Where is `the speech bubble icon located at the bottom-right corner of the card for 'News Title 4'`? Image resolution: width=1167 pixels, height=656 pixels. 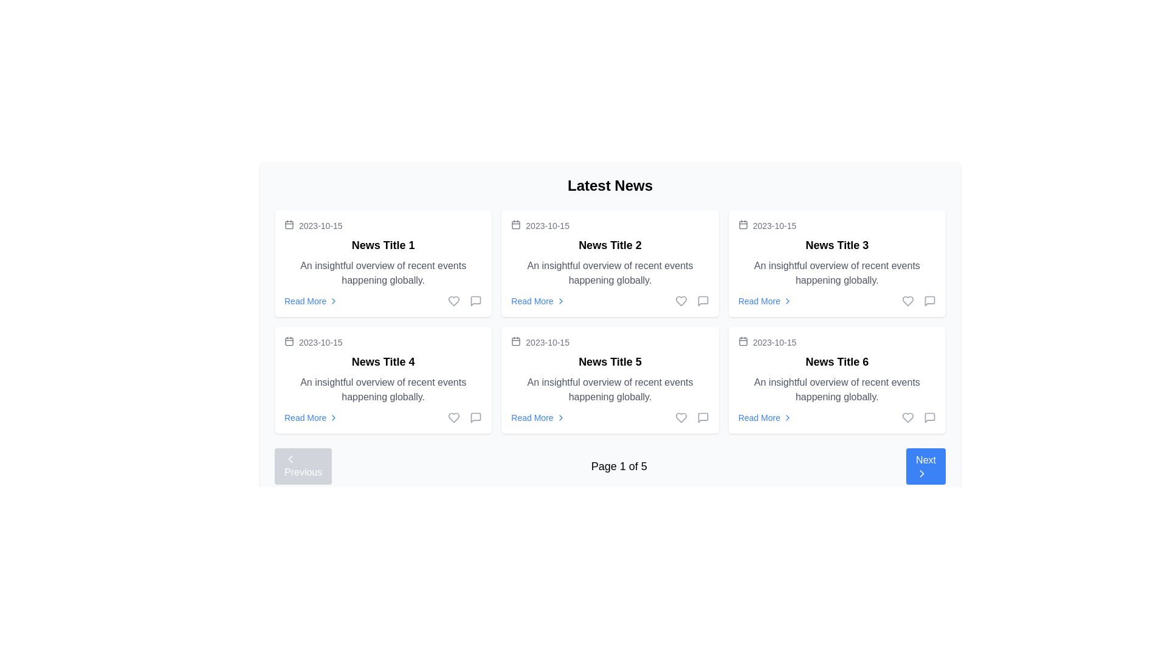
the speech bubble icon located at the bottom-right corner of the card for 'News Title 4' is located at coordinates (475, 417).